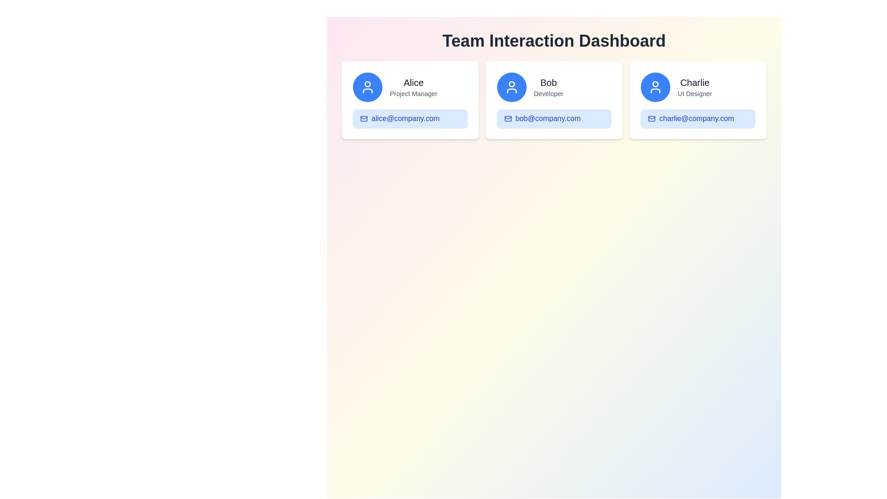  What do you see at coordinates (409, 118) in the screenshot?
I see `the interactive email link 'alice@company.com' with an envelope icon, located below Alice's name in the project manager card` at bounding box center [409, 118].